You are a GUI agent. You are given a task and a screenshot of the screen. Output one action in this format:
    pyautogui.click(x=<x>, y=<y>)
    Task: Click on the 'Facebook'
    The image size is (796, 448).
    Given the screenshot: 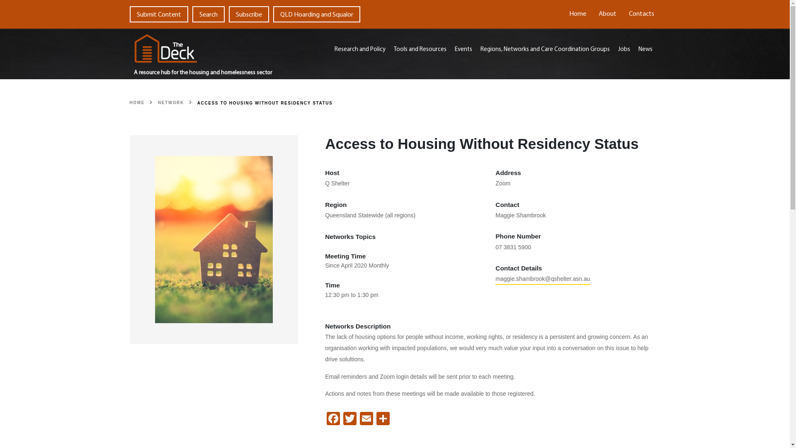 What is the action you would take?
    pyautogui.click(x=333, y=419)
    